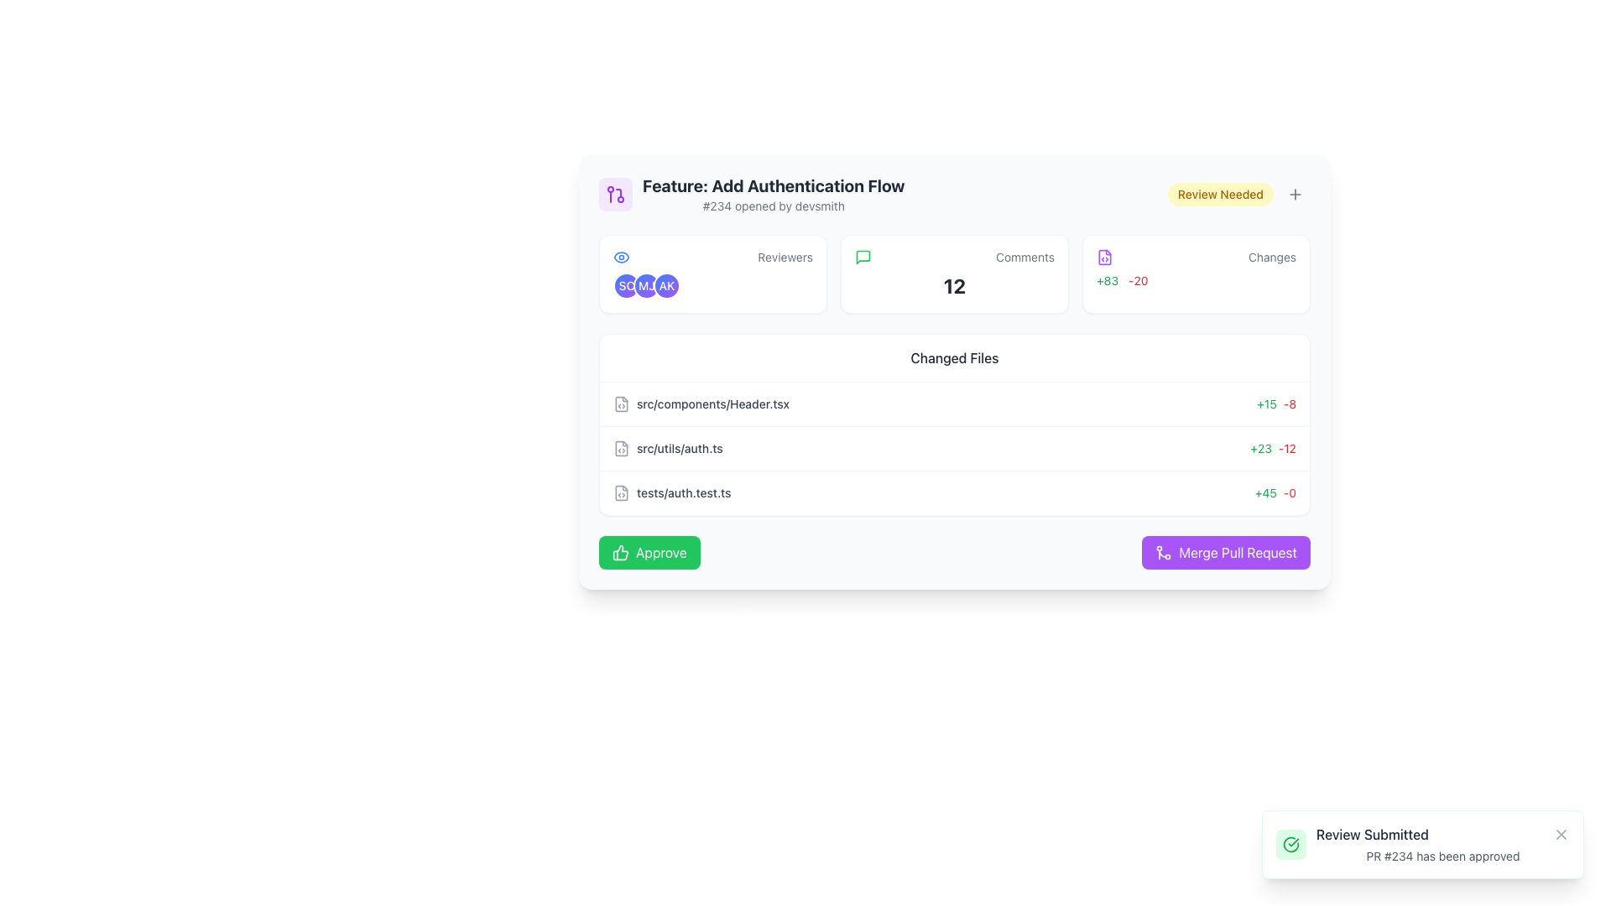 Image resolution: width=1611 pixels, height=906 pixels. I want to click on the list item summarizing changes made to the file 'tests/auth.test.ts', so click(954, 492).